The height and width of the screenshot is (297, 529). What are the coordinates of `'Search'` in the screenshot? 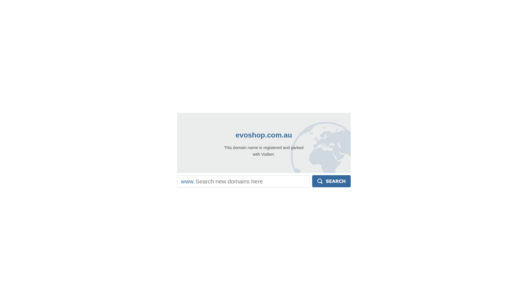 It's located at (331, 181).